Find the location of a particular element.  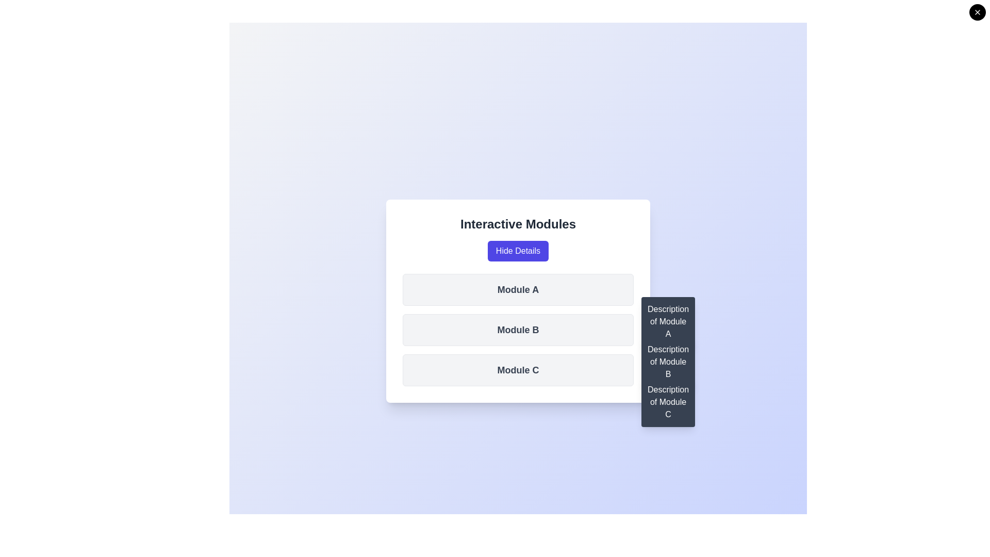

the text label that serves as the title for 'Module A', located at the top of the rounded rectangular card in the content panel is located at coordinates (518, 290).